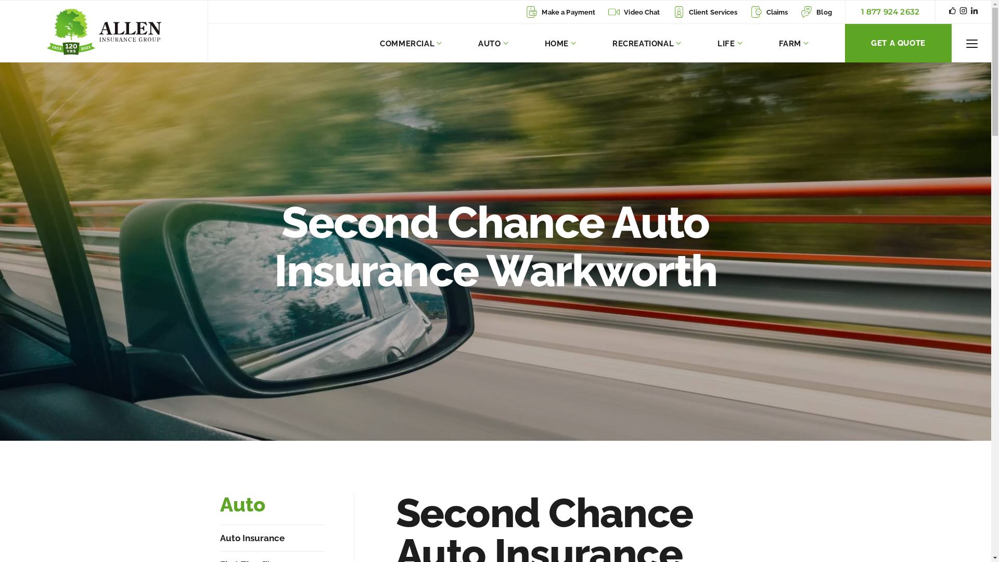 The image size is (999, 562). What do you see at coordinates (816, 12) in the screenshot?
I see `'Blog'` at bounding box center [816, 12].